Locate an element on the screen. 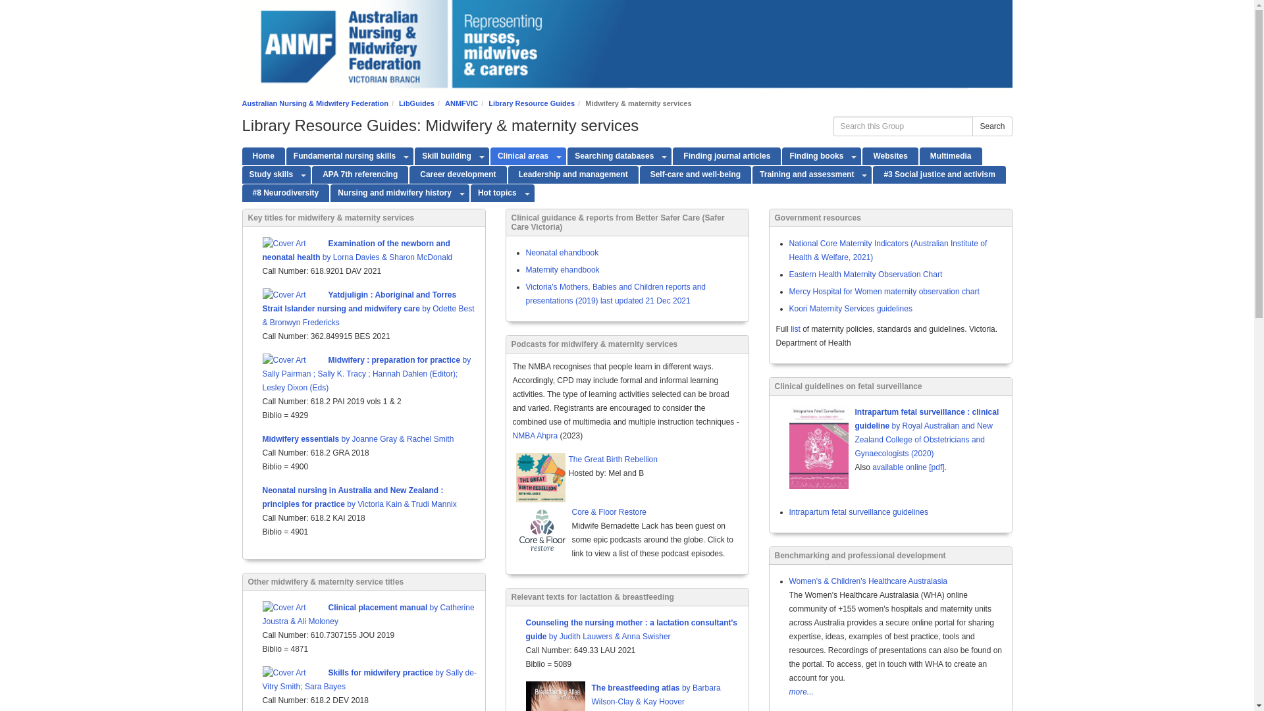 The height and width of the screenshot is (711, 1264). 'Library Resource Guides' is located at coordinates (531, 103).